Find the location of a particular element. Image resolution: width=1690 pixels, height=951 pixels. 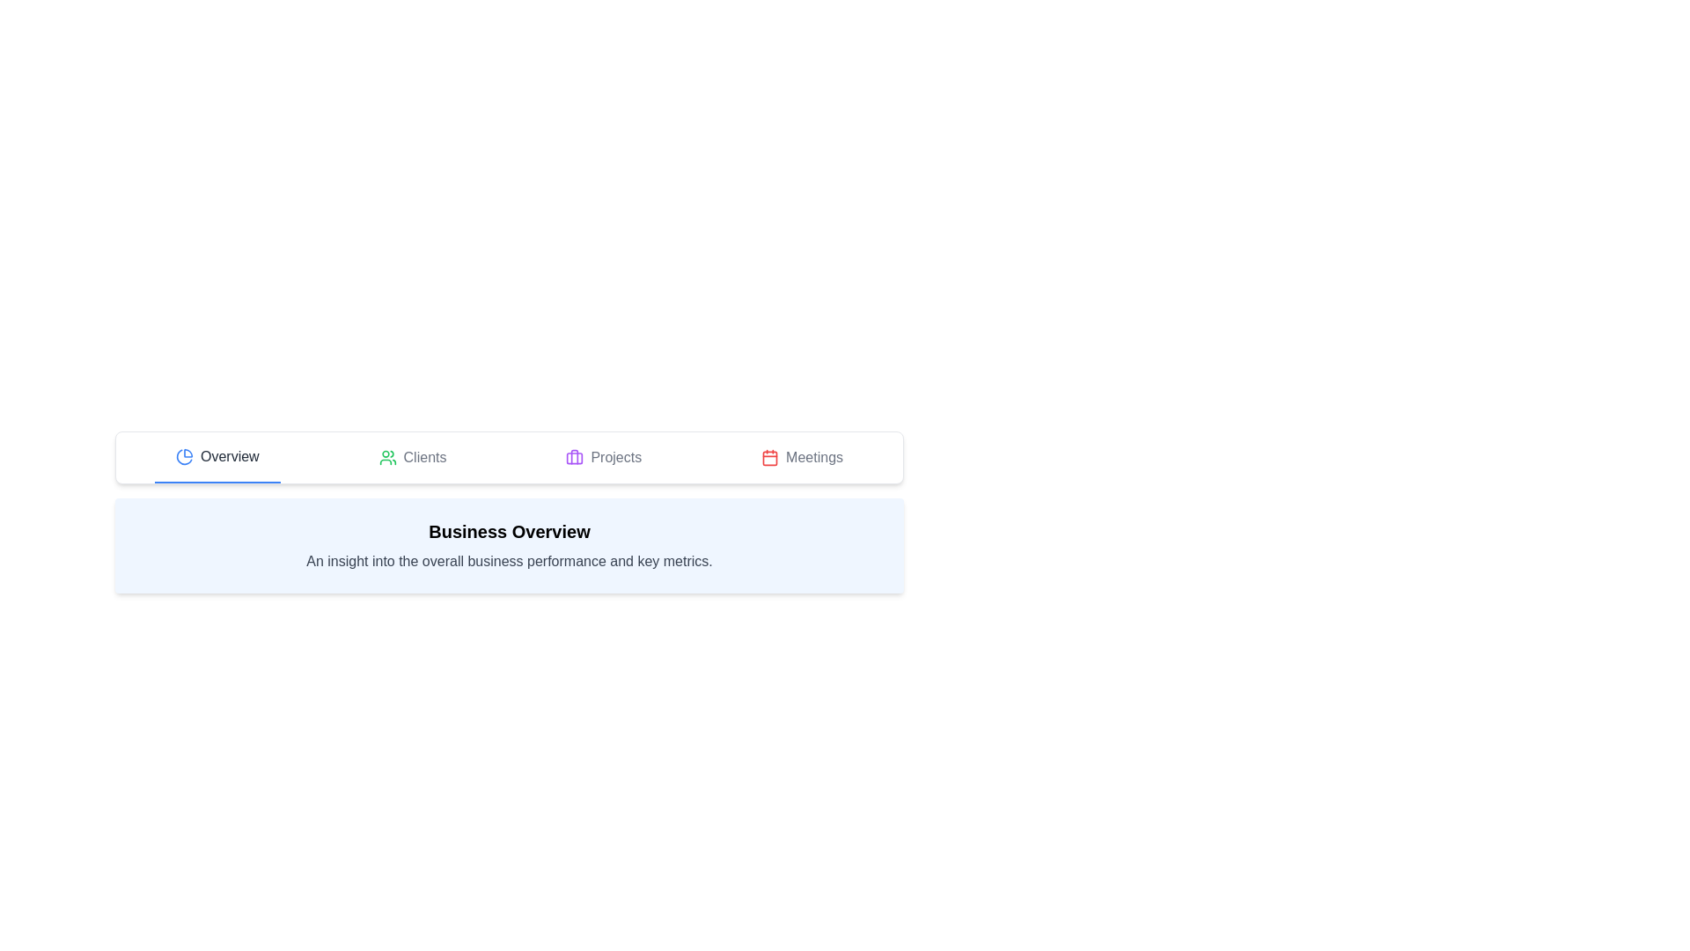

the 'Clients' tab button with a green user icon is located at coordinates (412, 457).